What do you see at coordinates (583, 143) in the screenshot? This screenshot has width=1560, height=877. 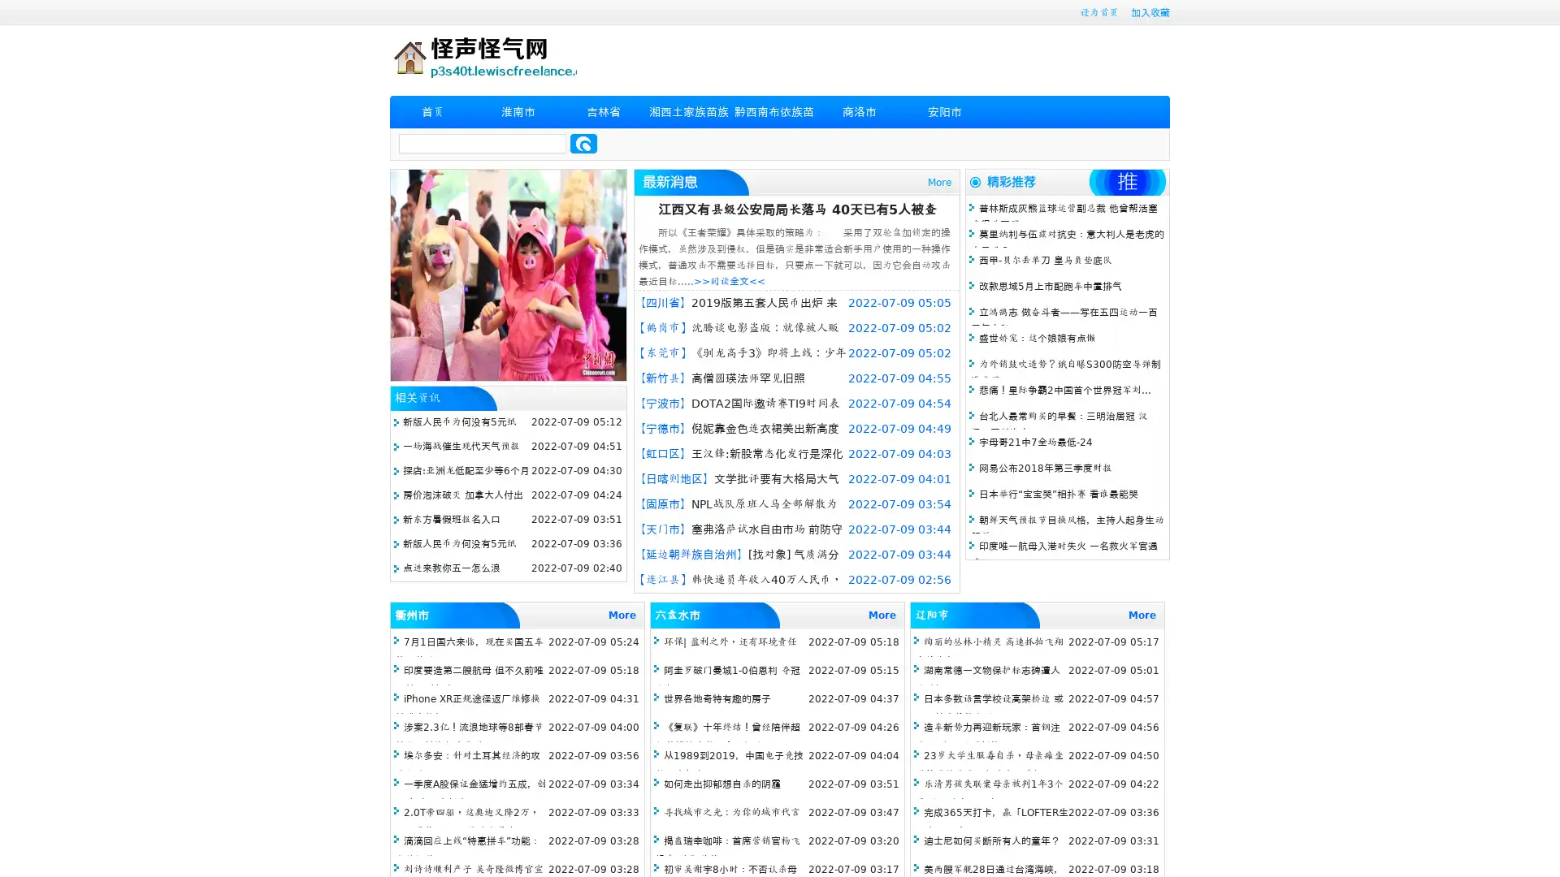 I see `Search` at bounding box center [583, 143].